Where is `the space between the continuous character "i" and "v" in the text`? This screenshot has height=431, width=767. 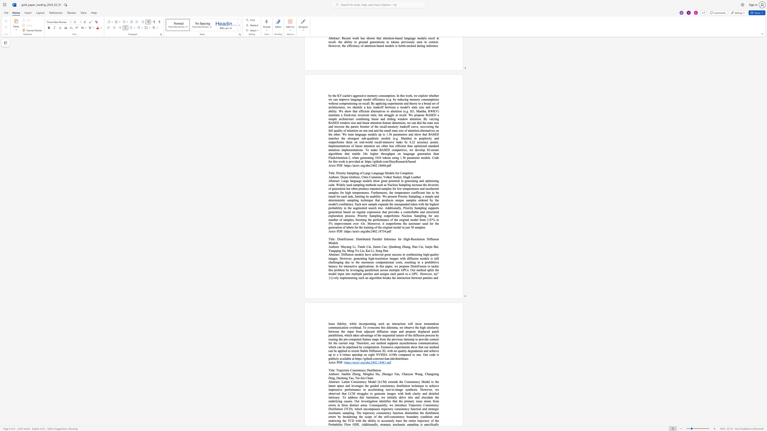
the space between the continuous character "i" and "v" in the text is located at coordinates (334, 231).